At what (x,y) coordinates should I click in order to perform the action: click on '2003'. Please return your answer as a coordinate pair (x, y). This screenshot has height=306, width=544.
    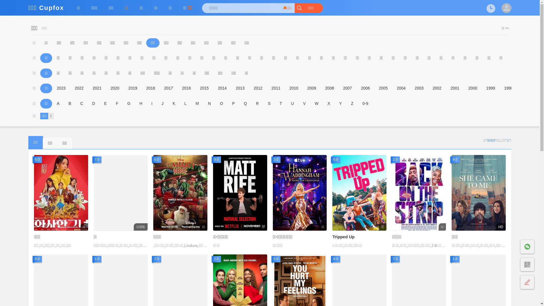
    Looking at the image, I should click on (419, 88).